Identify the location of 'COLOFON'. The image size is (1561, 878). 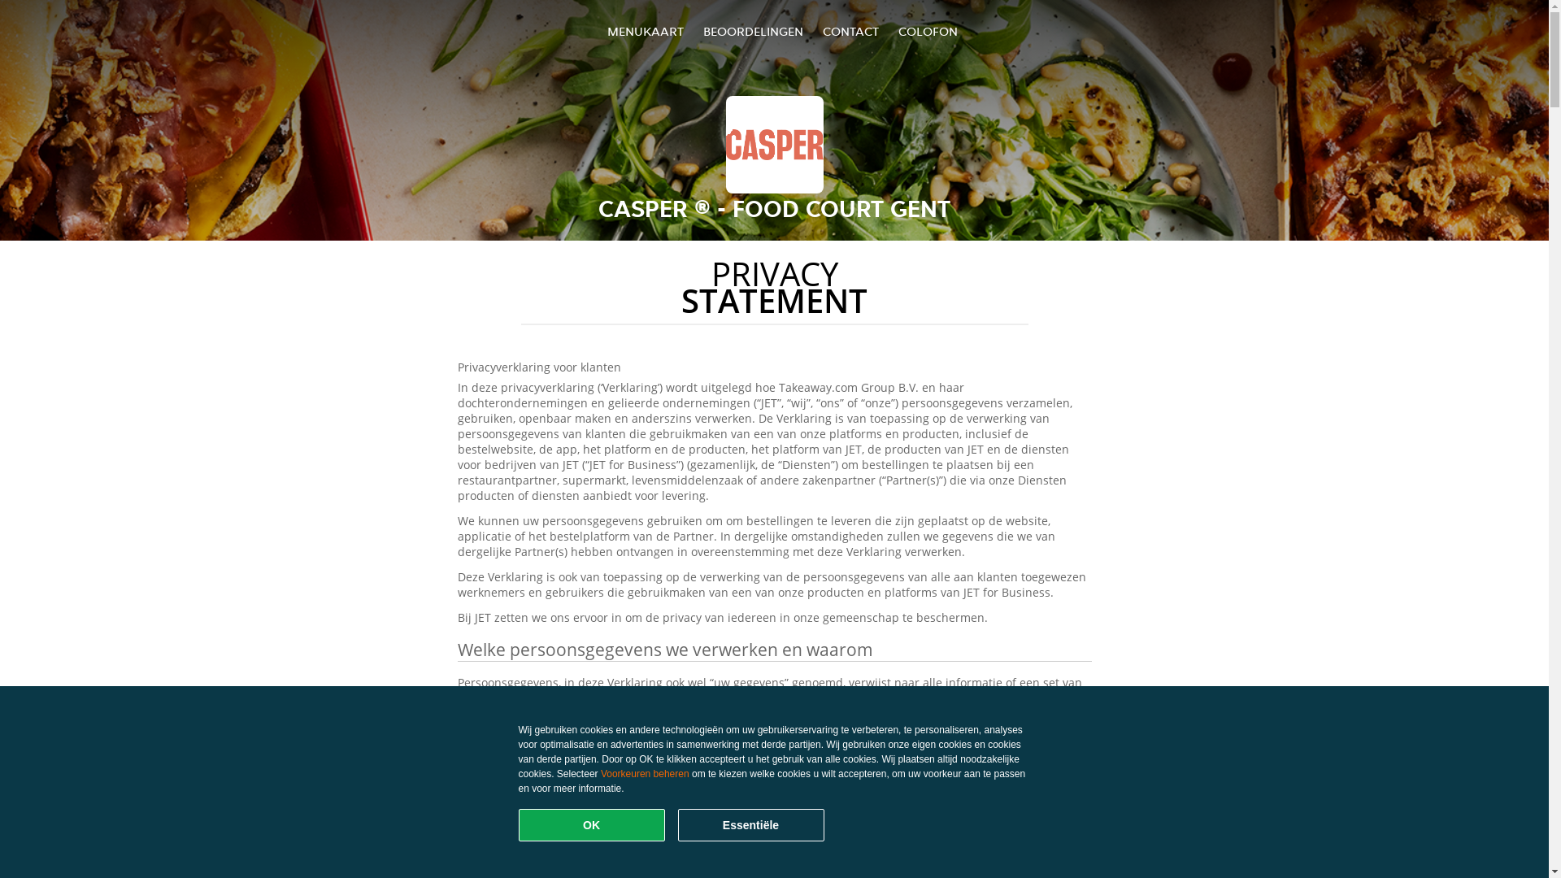
(897, 31).